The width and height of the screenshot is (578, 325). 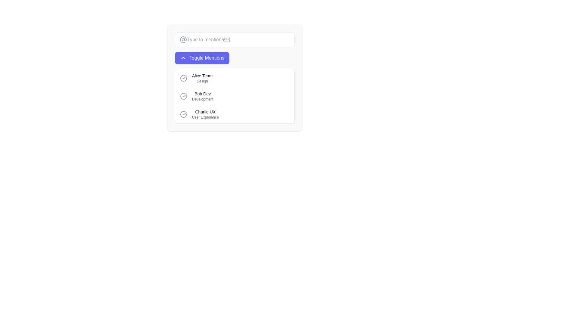 I want to click on the checkmark icon representing a successful action, located in the second row of the dropdown for 'Bob Dev', so click(x=184, y=95).